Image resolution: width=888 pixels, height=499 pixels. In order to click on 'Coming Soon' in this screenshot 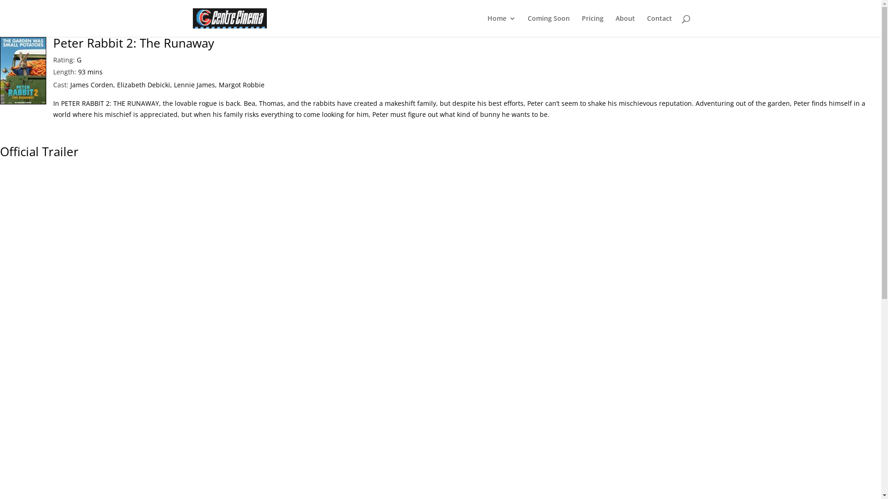, I will do `click(548, 25)`.